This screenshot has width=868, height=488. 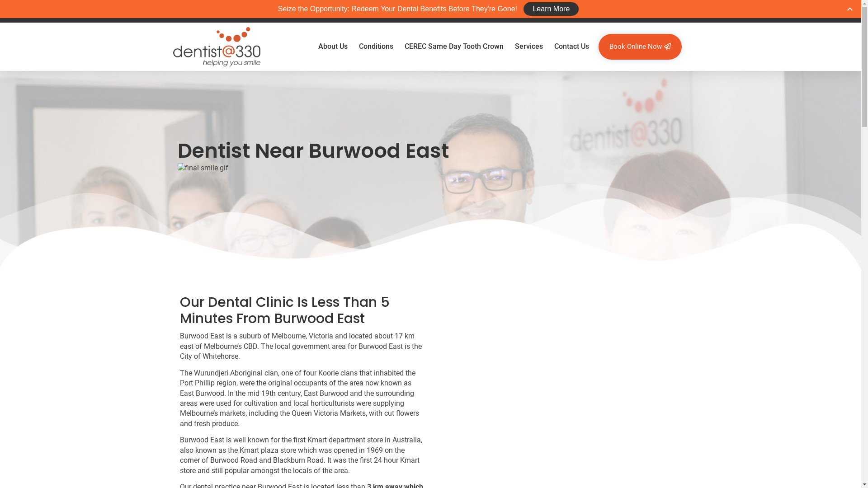 What do you see at coordinates (640, 47) in the screenshot?
I see `'Book Online Now'` at bounding box center [640, 47].